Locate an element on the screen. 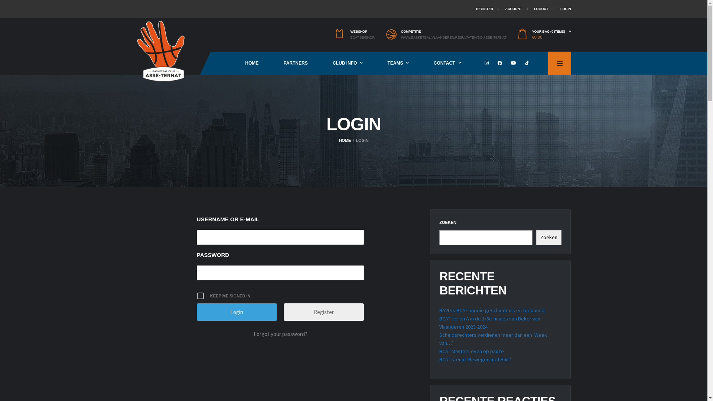  'TEAMS' is located at coordinates (397, 62).